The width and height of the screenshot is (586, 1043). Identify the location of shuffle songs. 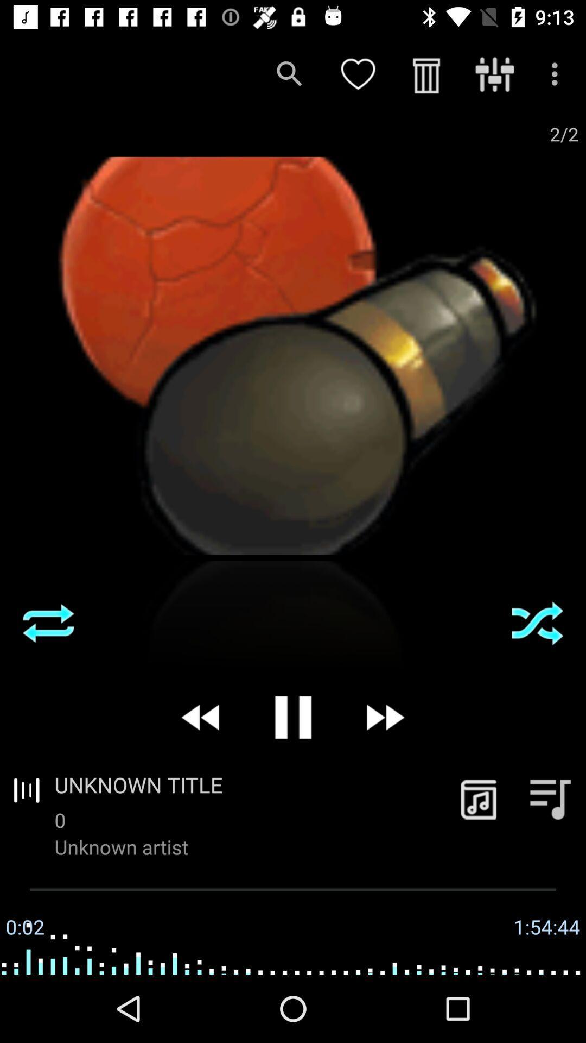
(48, 623).